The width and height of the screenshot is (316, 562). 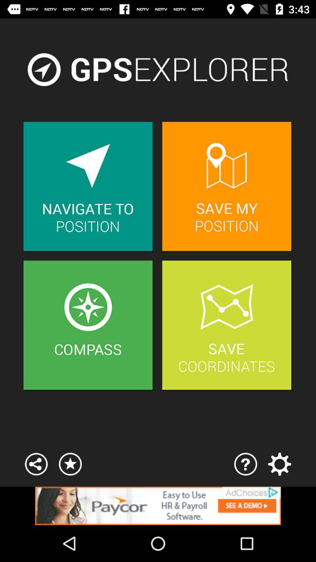 I want to click on compass, so click(x=89, y=325).